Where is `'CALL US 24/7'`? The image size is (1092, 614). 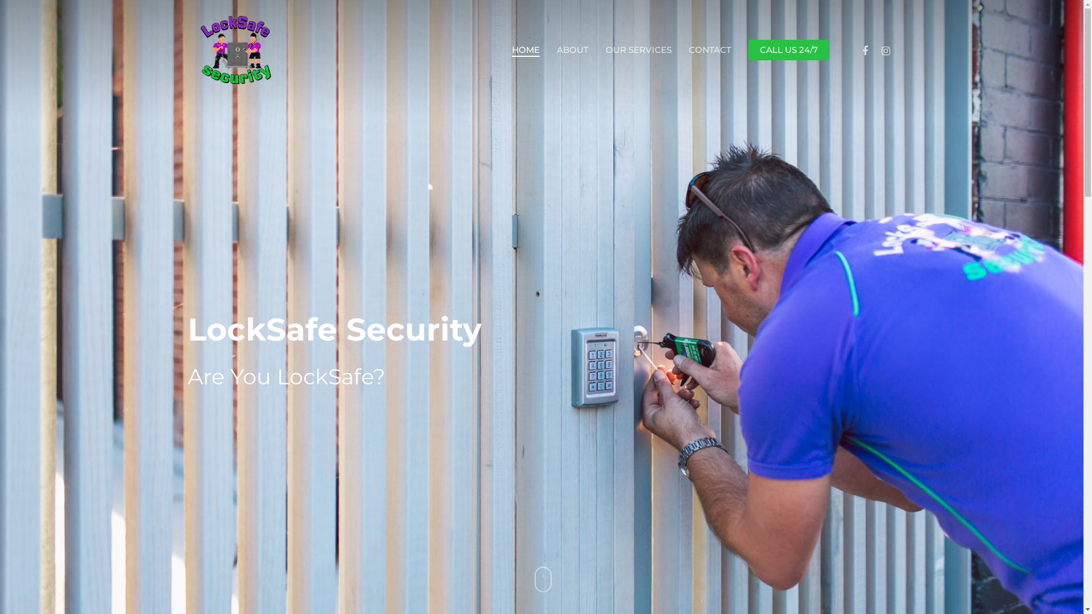 'CALL US 24/7' is located at coordinates (788, 49).